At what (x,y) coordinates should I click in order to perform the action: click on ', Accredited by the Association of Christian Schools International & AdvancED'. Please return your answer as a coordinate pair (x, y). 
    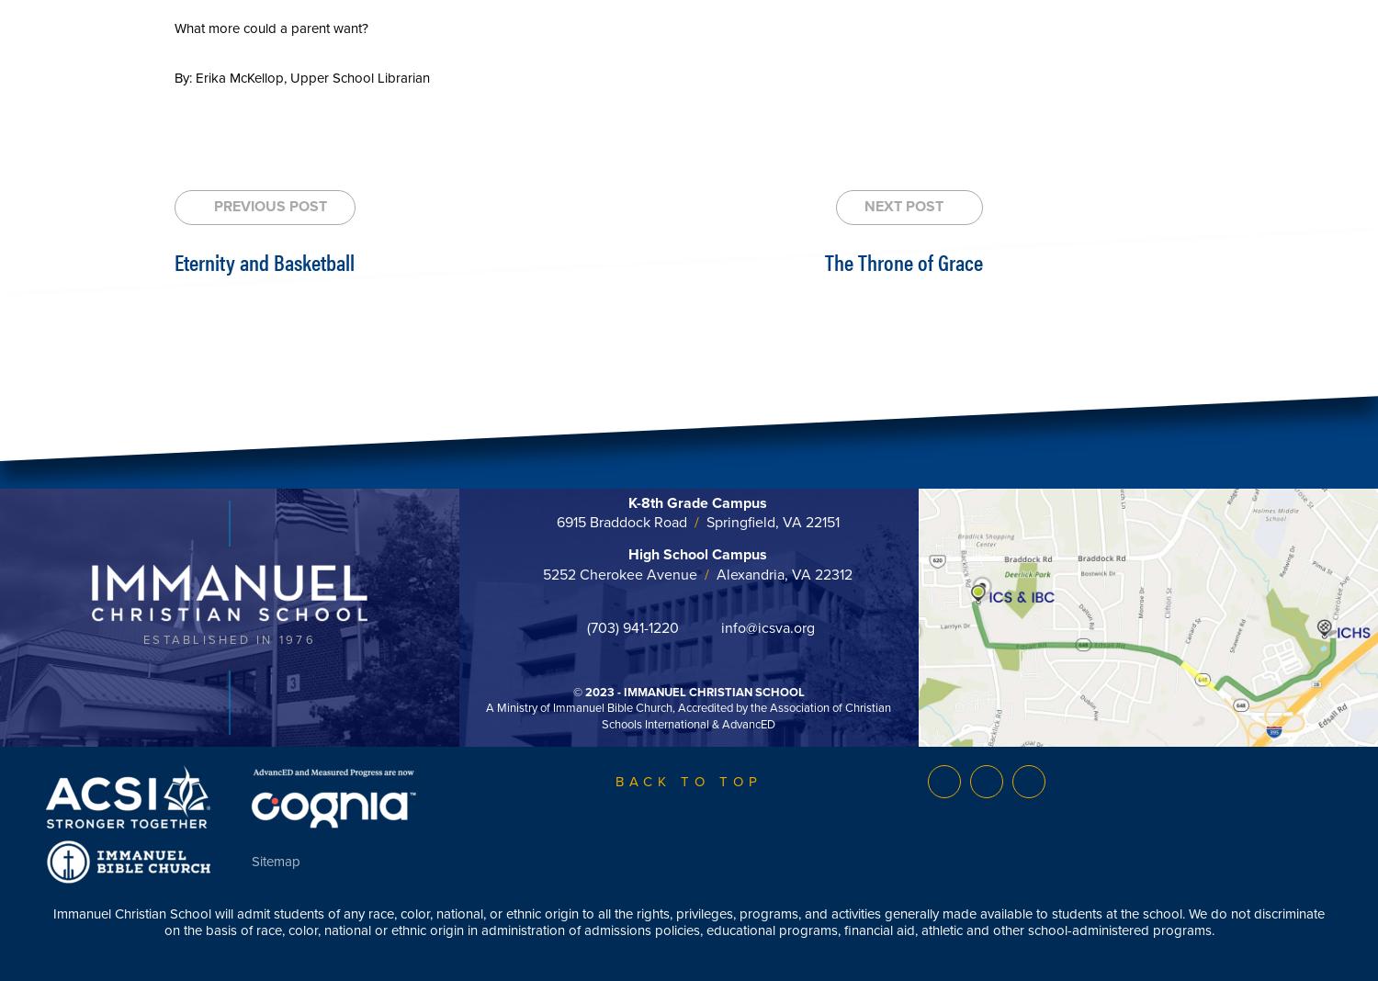
    Looking at the image, I should click on (746, 716).